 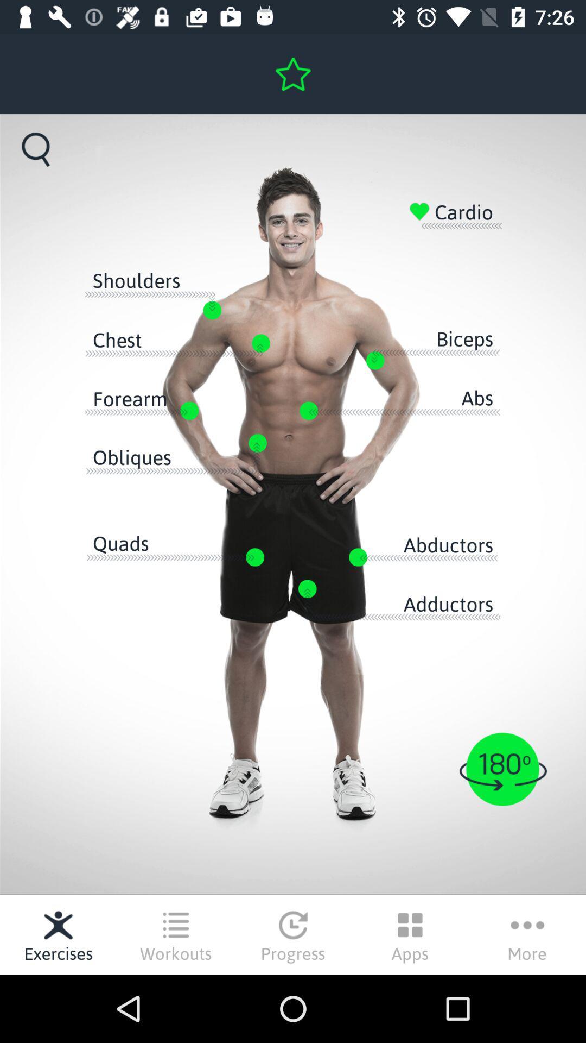 What do you see at coordinates (503, 769) in the screenshot?
I see `the avatar icon` at bounding box center [503, 769].